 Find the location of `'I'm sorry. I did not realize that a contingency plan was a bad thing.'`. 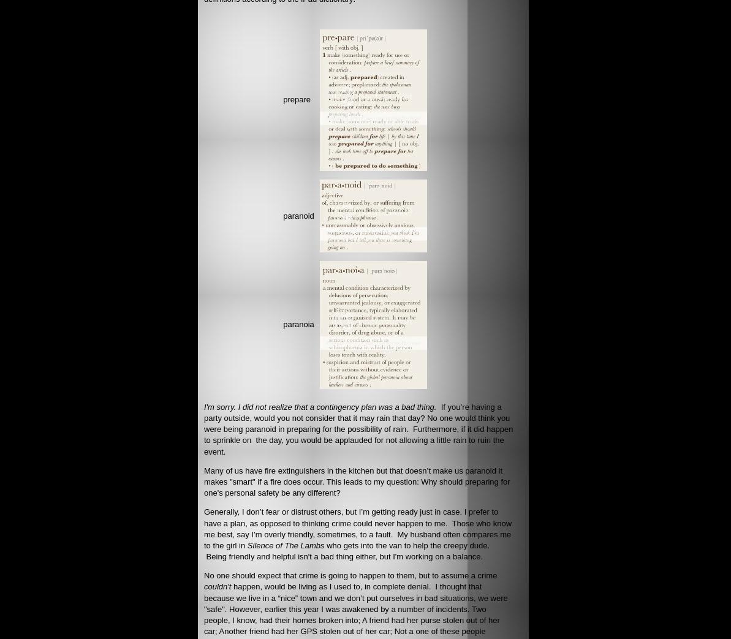

'I'm sorry. I did not realize that a contingency plan was a bad thing.' is located at coordinates (319, 406).